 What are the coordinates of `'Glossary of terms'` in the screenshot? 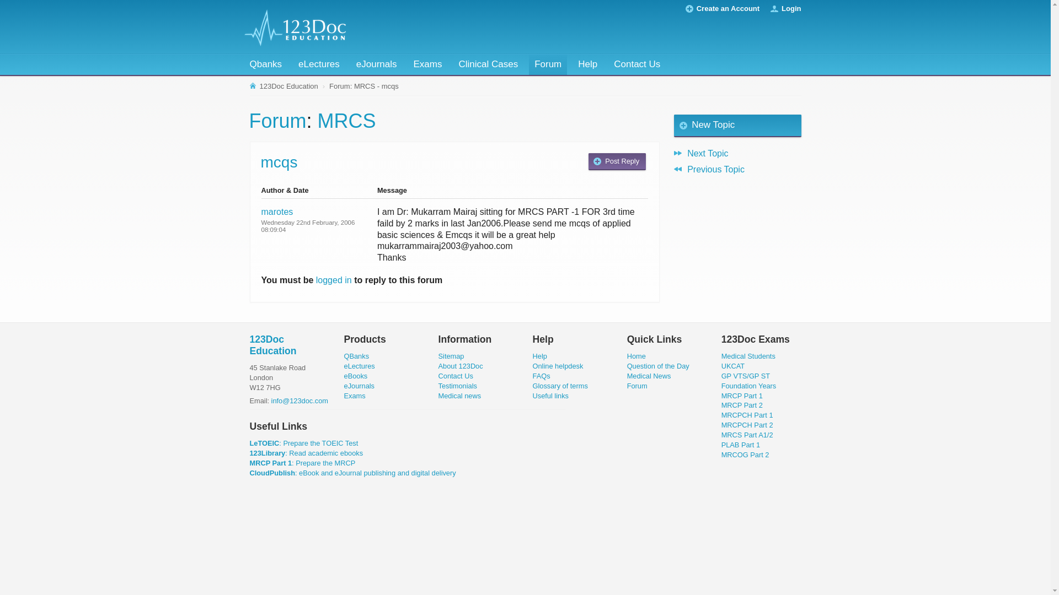 It's located at (532, 385).